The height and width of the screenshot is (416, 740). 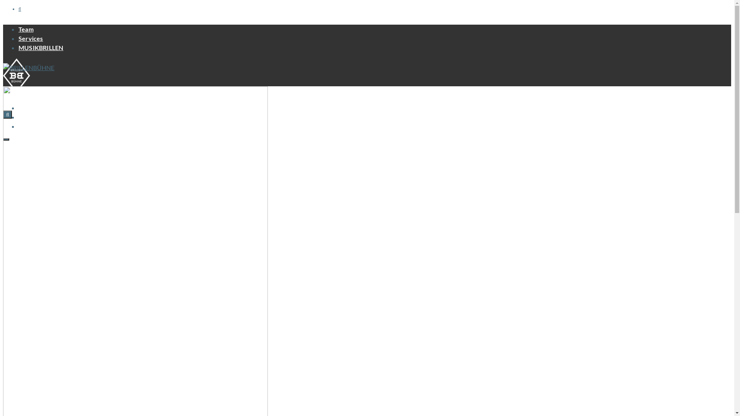 I want to click on 'Events', so click(x=28, y=107).